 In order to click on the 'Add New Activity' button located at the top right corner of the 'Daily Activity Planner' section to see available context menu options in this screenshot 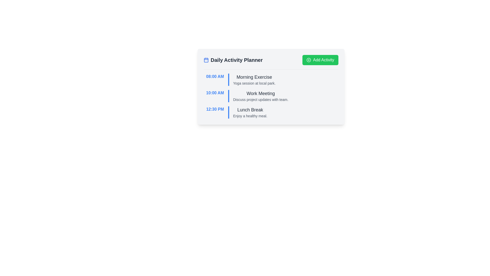, I will do `click(320, 60)`.